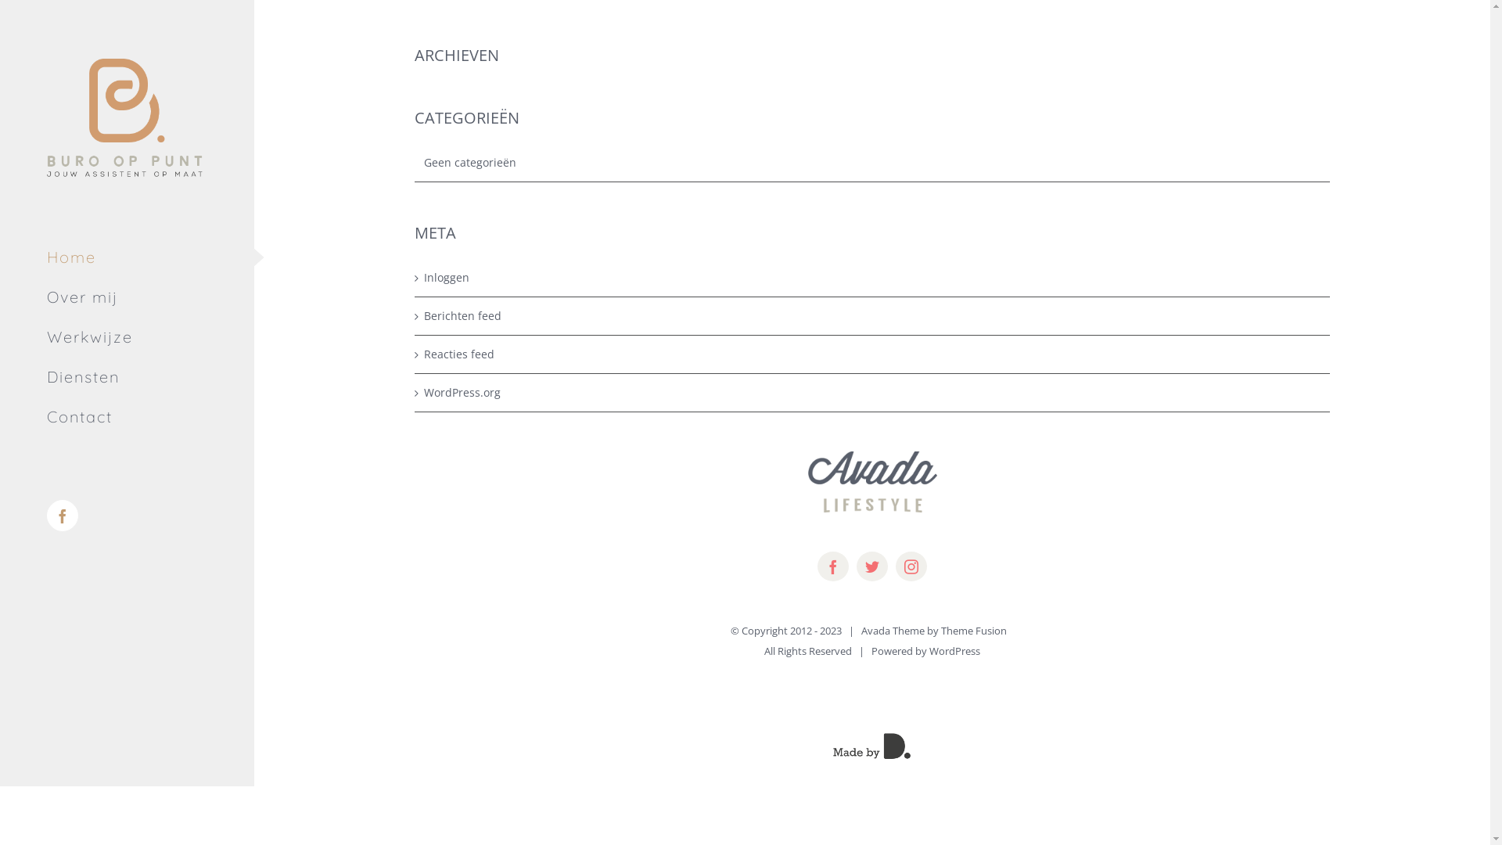 This screenshot has height=845, width=1502. Describe the element at coordinates (424, 316) in the screenshot. I see `'Berichten feed'` at that location.